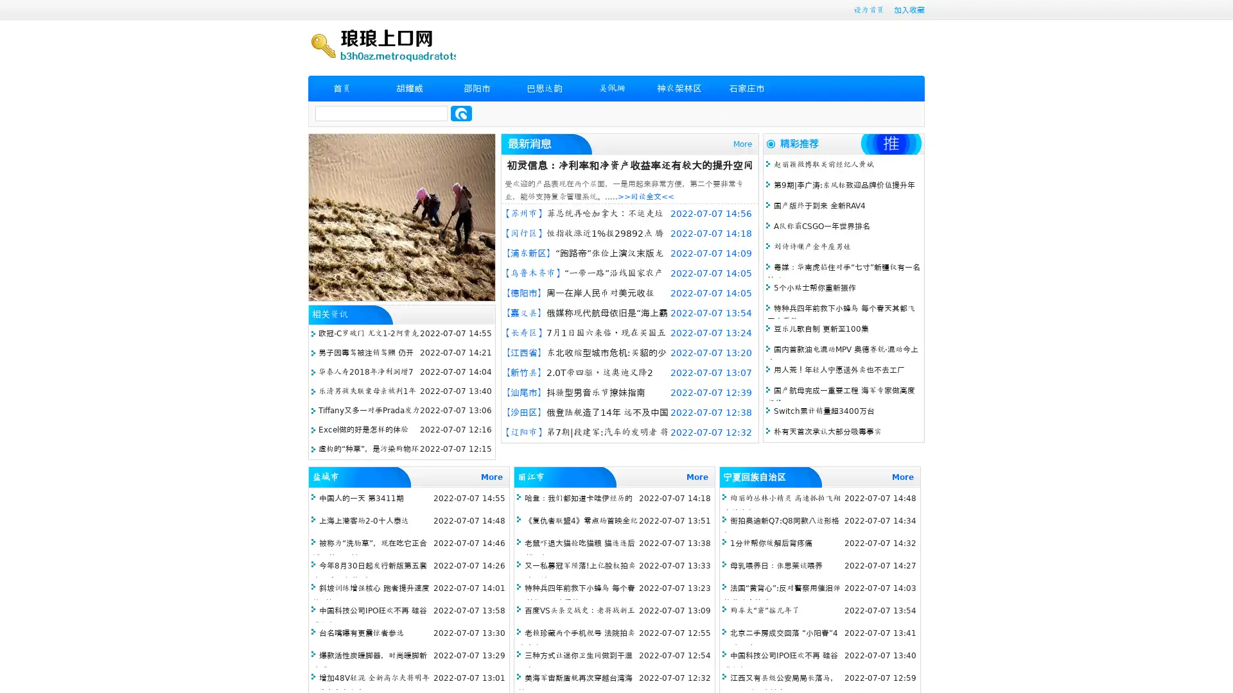  What do you see at coordinates (461, 113) in the screenshot?
I see `Search` at bounding box center [461, 113].